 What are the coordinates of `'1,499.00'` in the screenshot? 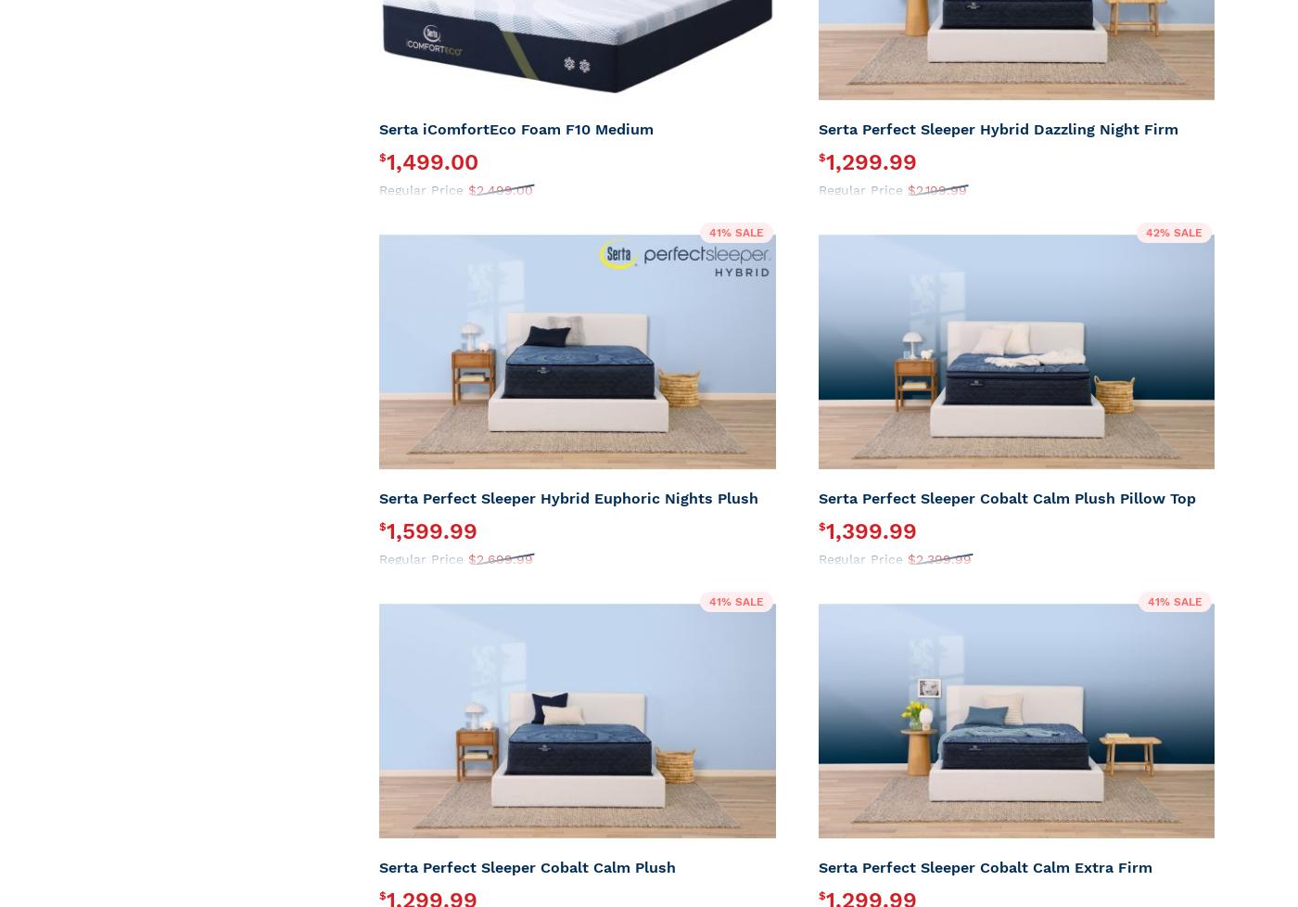 It's located at (432, 161).